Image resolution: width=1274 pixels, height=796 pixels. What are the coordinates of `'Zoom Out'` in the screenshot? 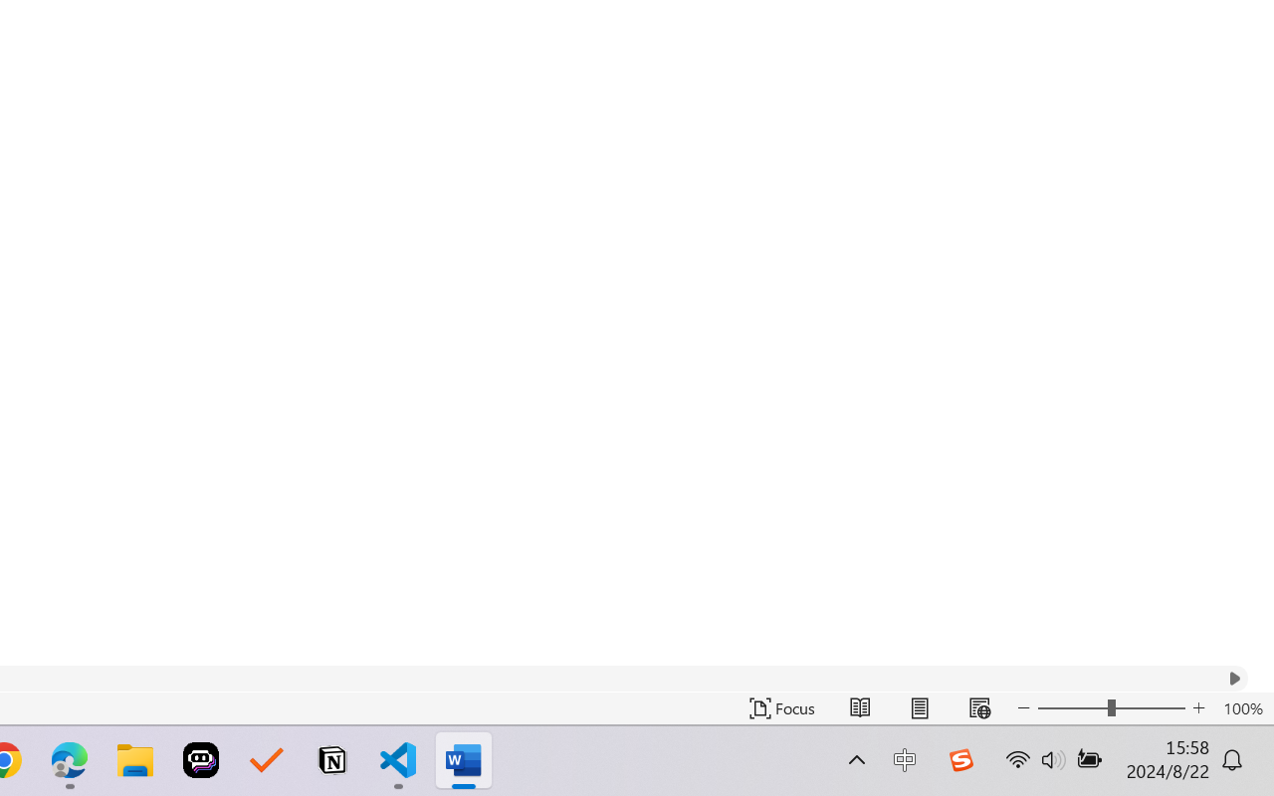 It's located at (1071, 707).